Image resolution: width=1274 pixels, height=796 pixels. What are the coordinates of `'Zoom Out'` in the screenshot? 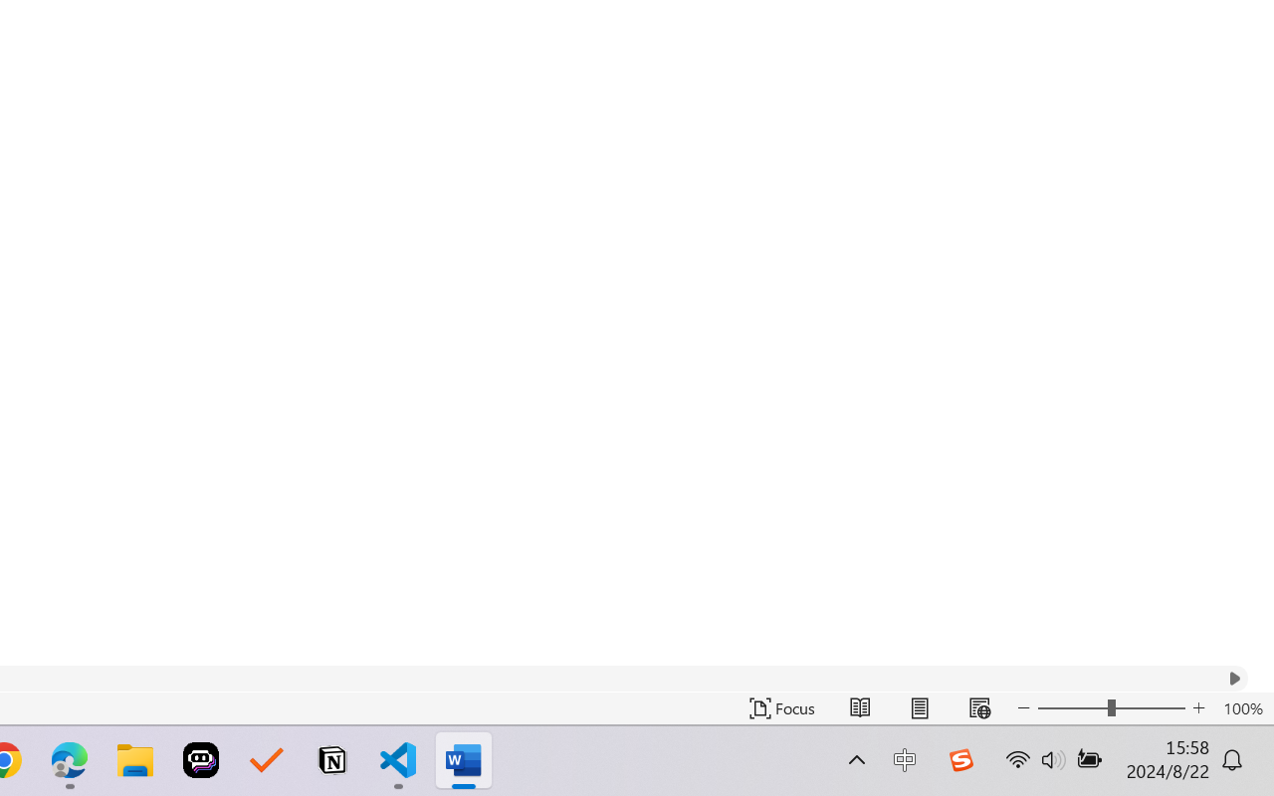 It's located at (1071, 707).